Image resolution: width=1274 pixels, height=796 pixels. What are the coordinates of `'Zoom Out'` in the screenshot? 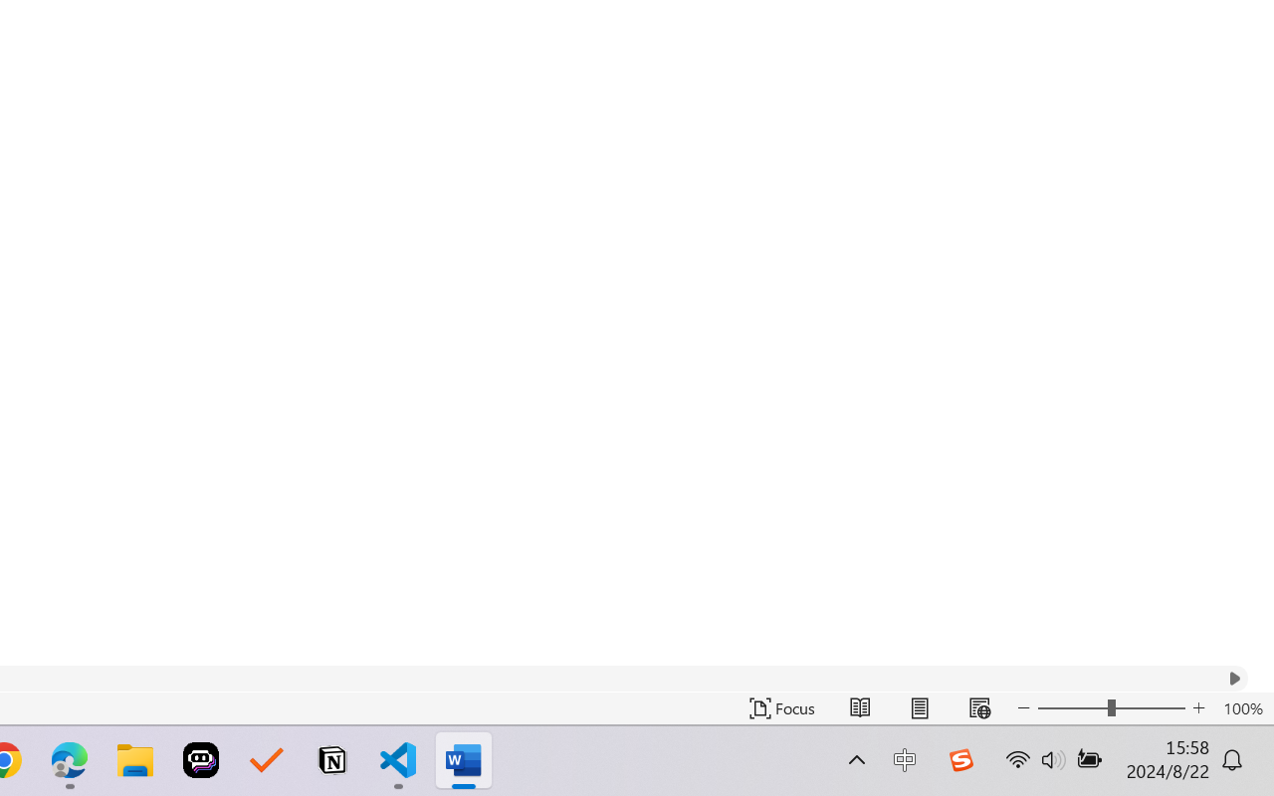 It's located at (1071, 707).